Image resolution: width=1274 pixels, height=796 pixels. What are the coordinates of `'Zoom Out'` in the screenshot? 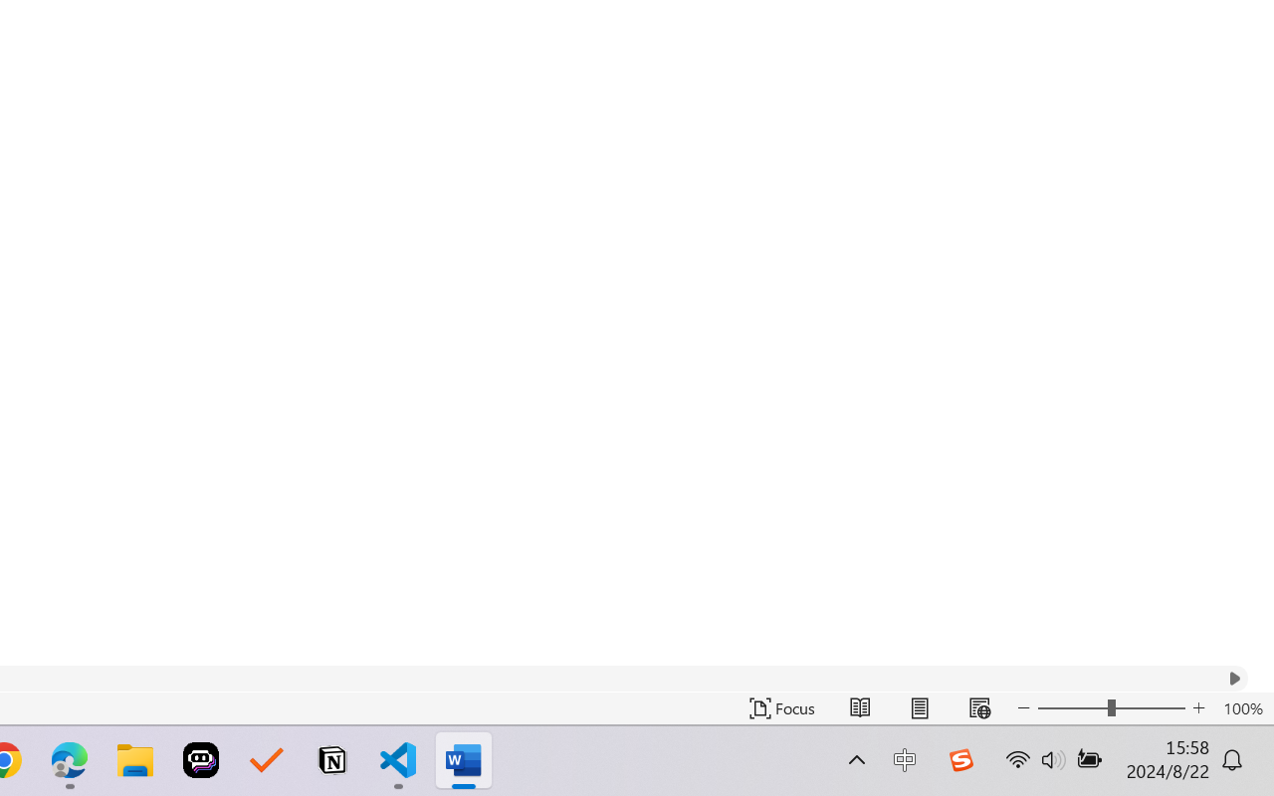 It's located at (1071, 707).